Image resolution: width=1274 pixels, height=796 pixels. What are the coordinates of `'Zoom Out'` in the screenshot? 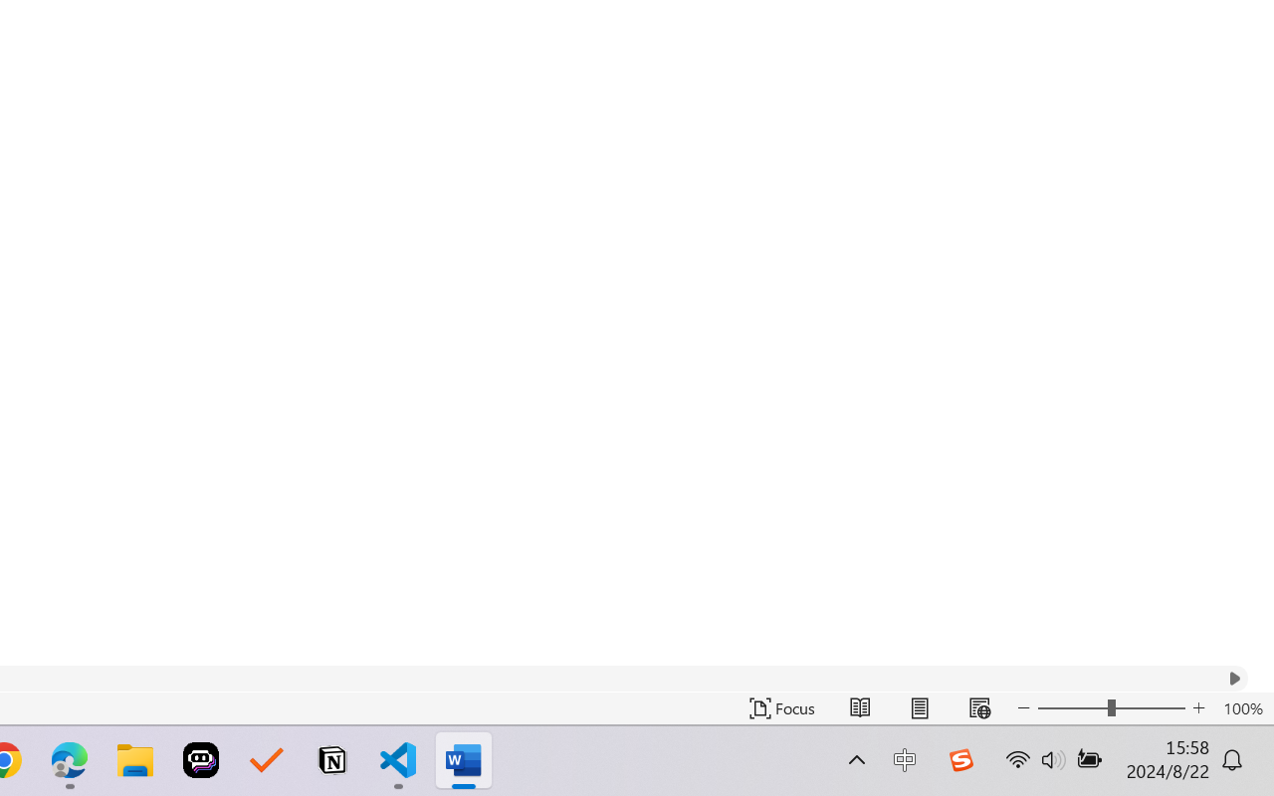 It's located at (1071, 707).